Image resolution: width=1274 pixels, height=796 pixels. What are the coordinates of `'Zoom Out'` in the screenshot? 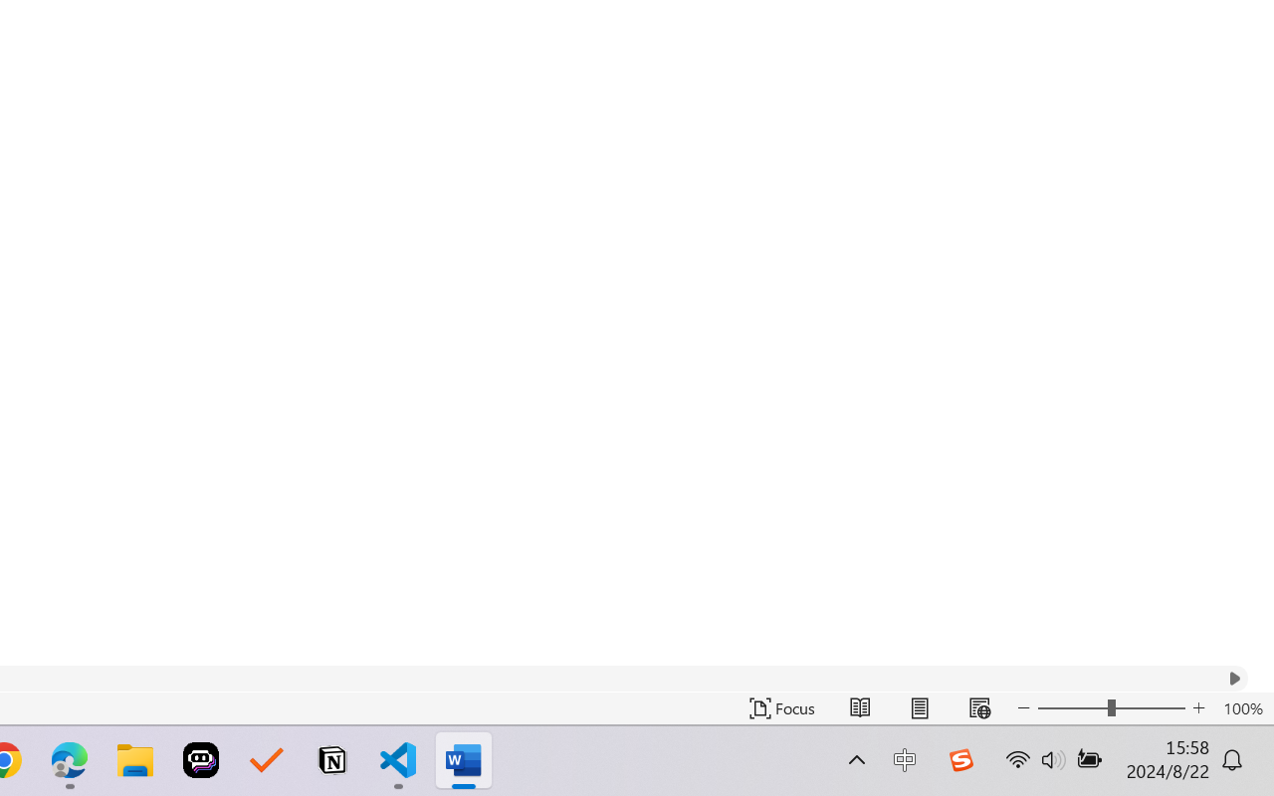 It's located at (1071, 707).